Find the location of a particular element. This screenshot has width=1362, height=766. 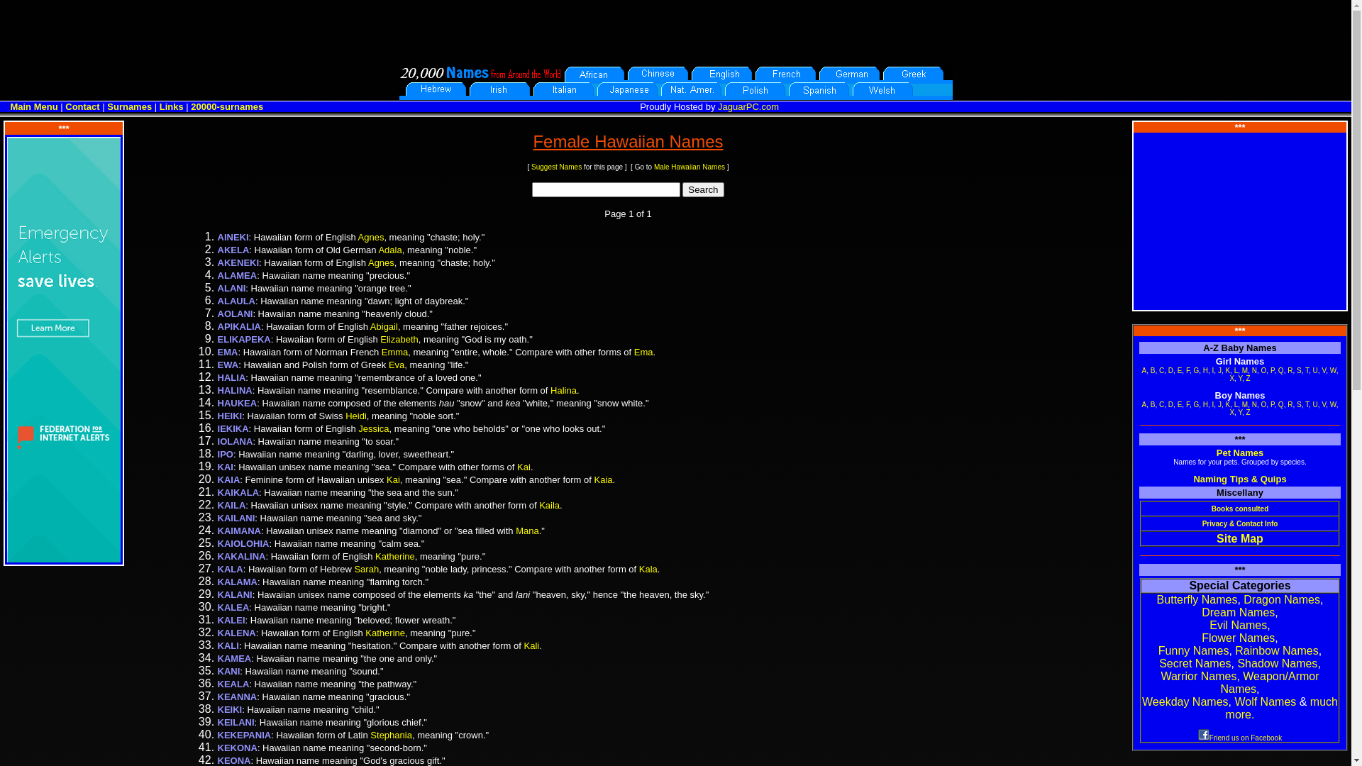

'Main Menu' is located at coordinates (10, 106).